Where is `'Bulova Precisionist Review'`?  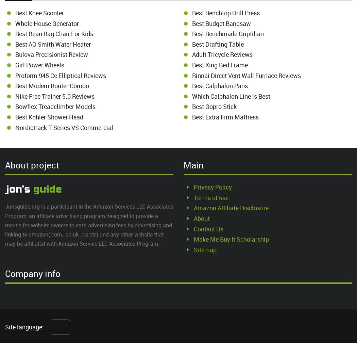 'Bulova Precisionist Review' is located at coordinates (15, 54).